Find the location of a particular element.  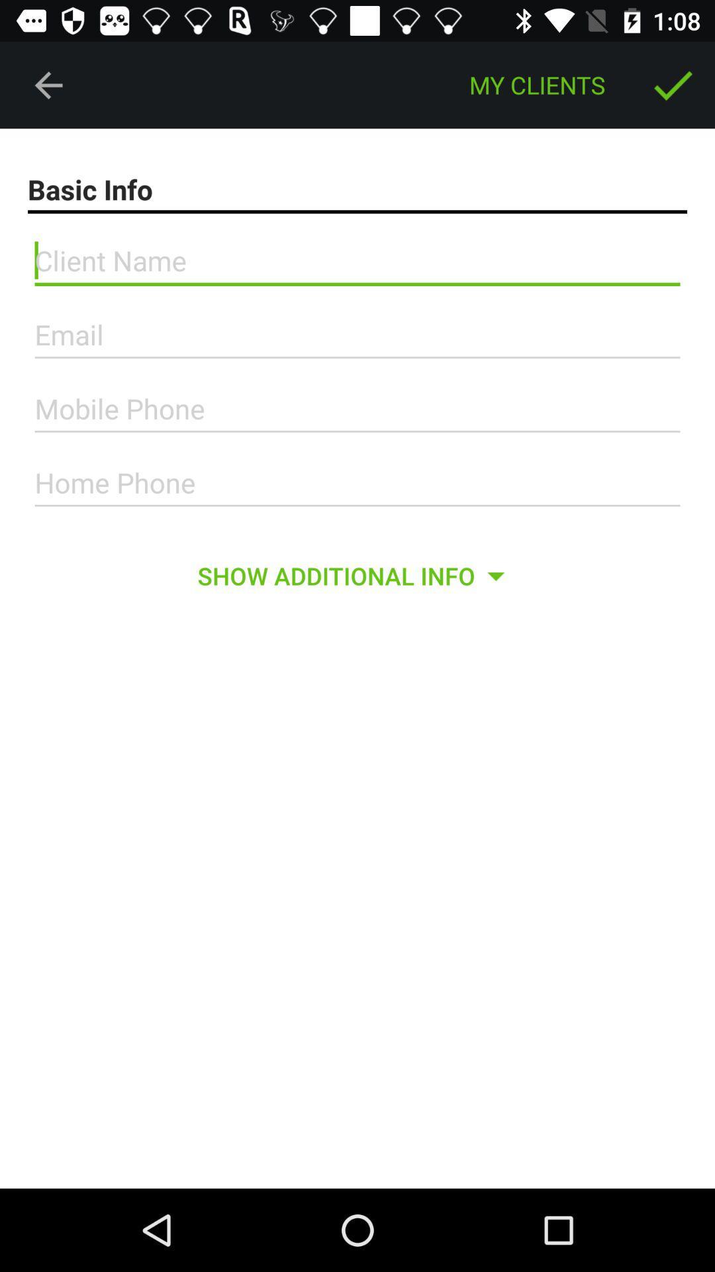

phone number is located at coordinates (358, 482).